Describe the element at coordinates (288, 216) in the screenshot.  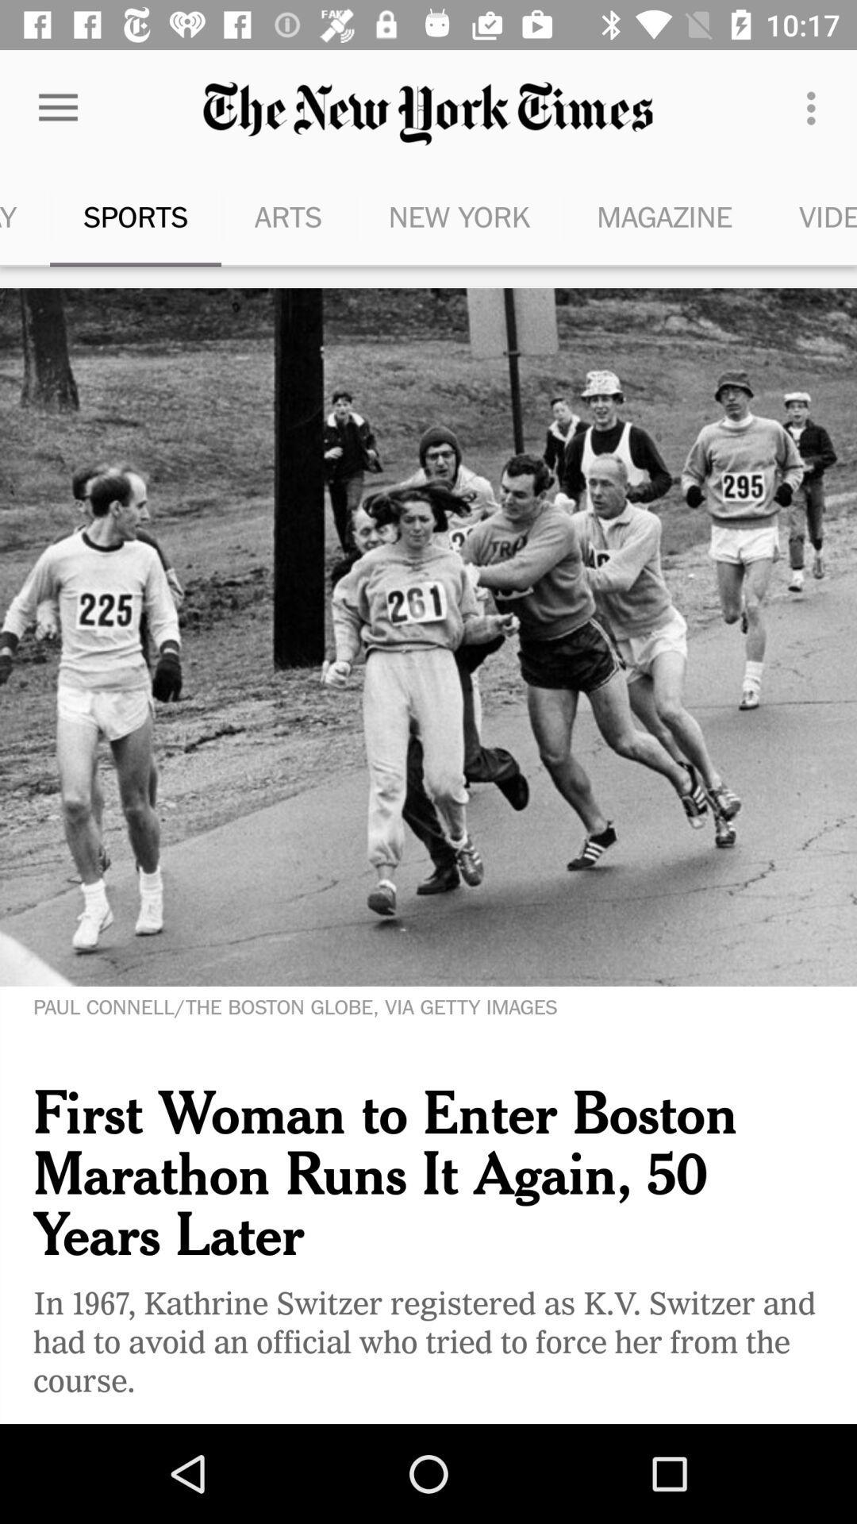
I see `arts` at that location.